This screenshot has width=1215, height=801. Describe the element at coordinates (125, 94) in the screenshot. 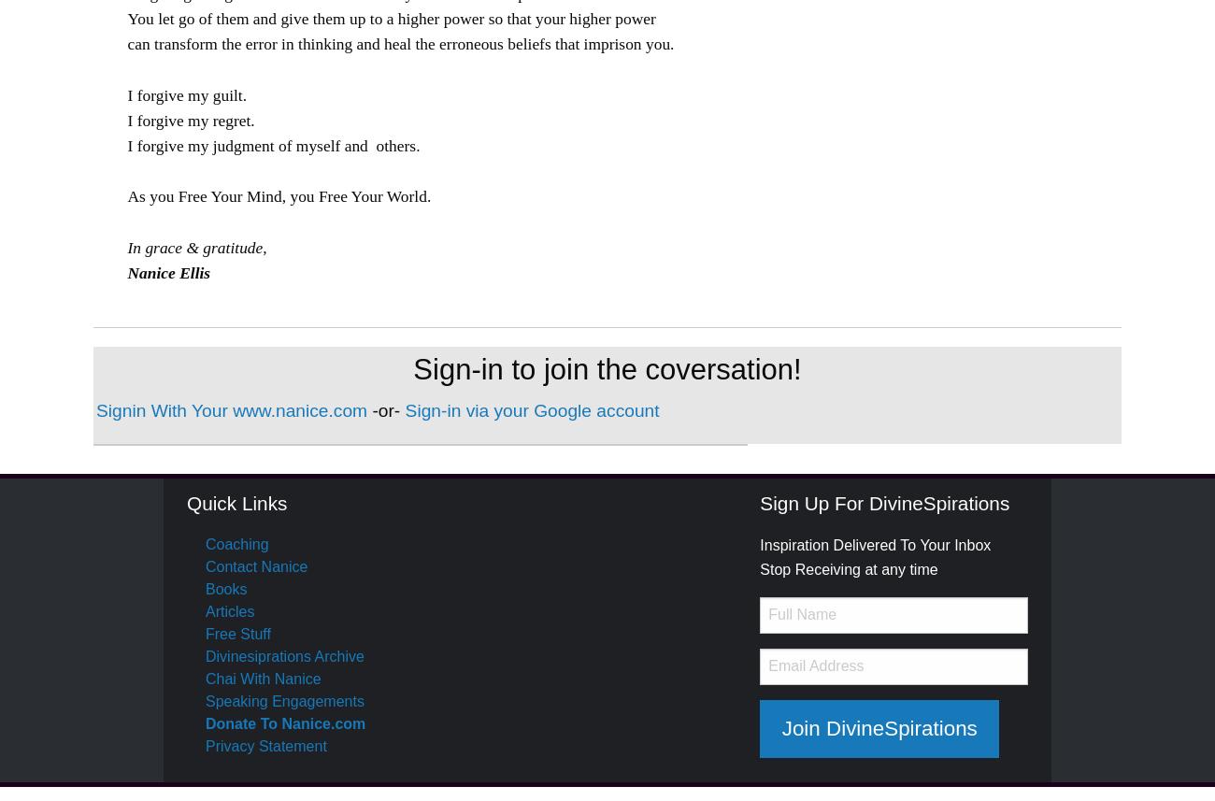

I see `'I forgive my guilt.'` at that location.